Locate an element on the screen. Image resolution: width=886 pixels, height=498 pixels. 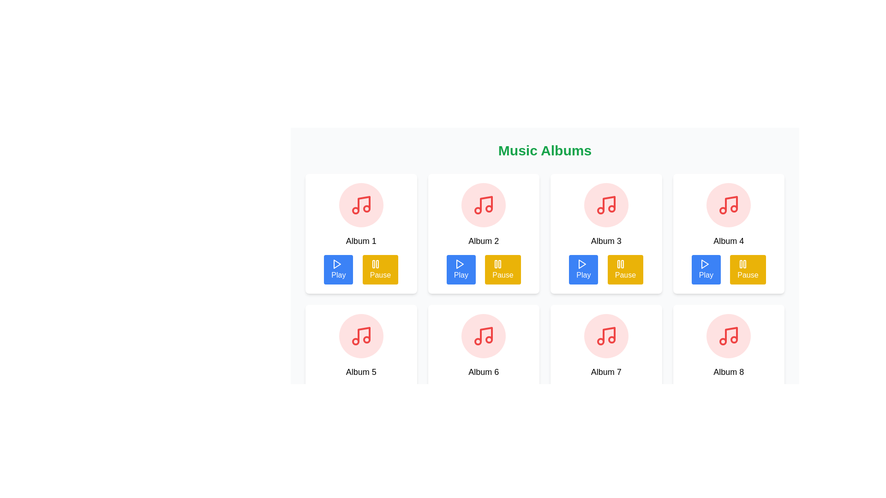
the text label displaying 'Album 2', which is centered in the second card of the album grid, located below the music icon and above the 'Play' and 'Pause' buttons is located at coordinates (483, 241).